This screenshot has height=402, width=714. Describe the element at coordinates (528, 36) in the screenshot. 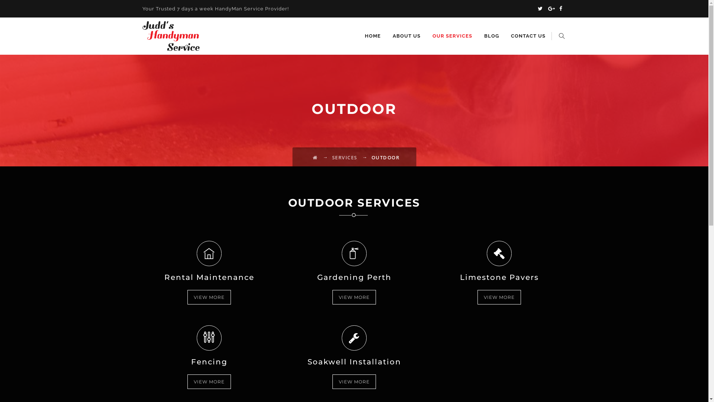

I see `'CONTACT US'` at that location.